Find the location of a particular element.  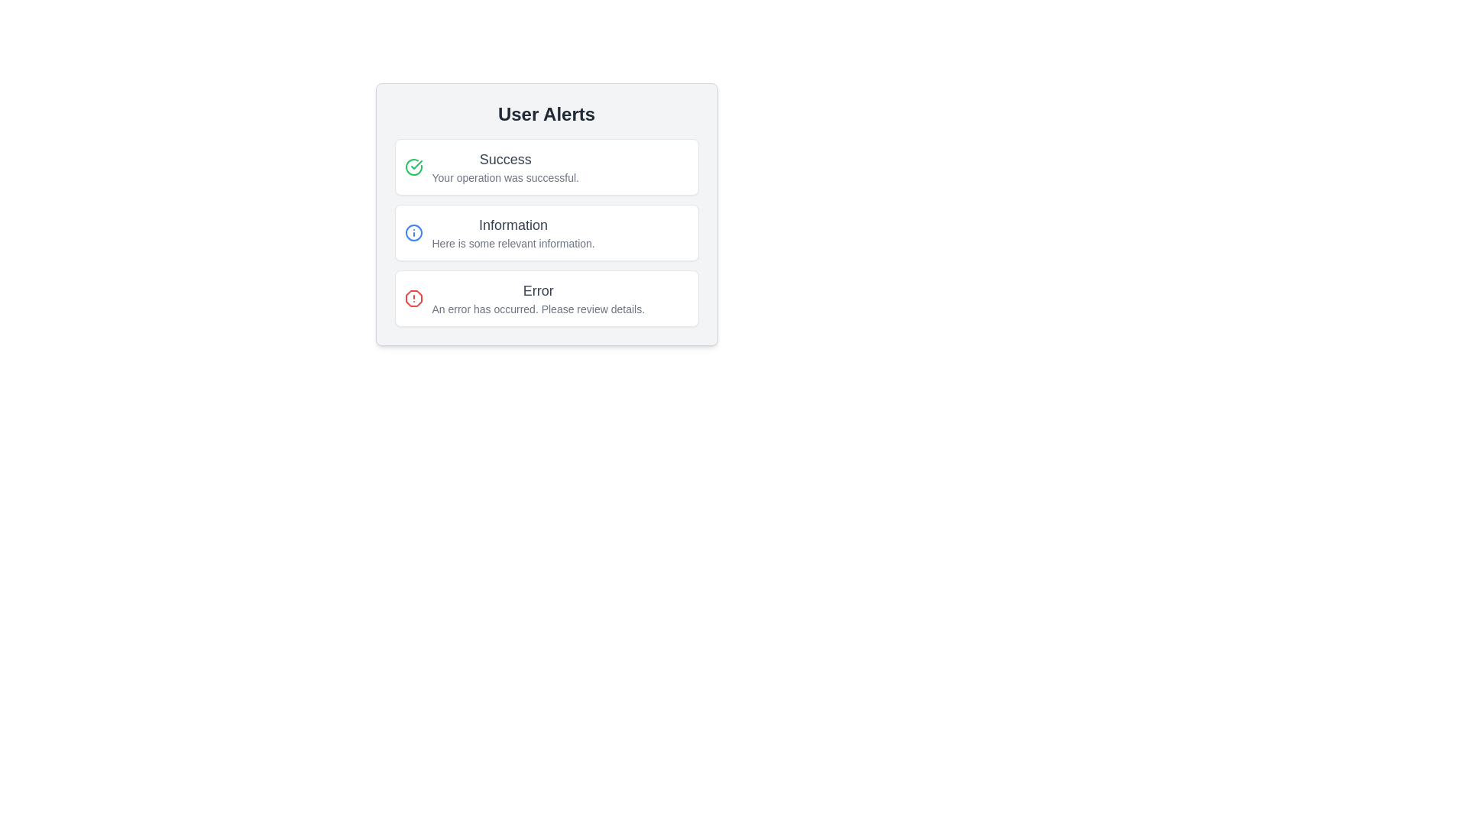

the icon located on the left side of the 'Error' alert panel is located at coordinates (413, 298).